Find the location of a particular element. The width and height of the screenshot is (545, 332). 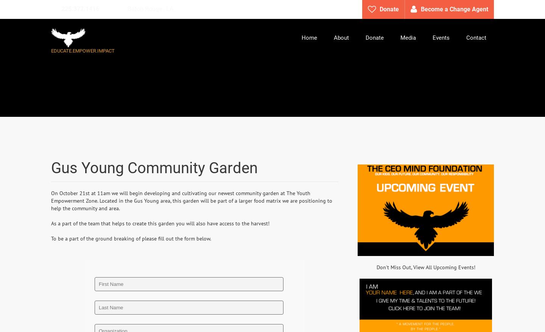

'To be a part of the ground breaking of please fill out the form below.' is located at coordinates (131, 238).